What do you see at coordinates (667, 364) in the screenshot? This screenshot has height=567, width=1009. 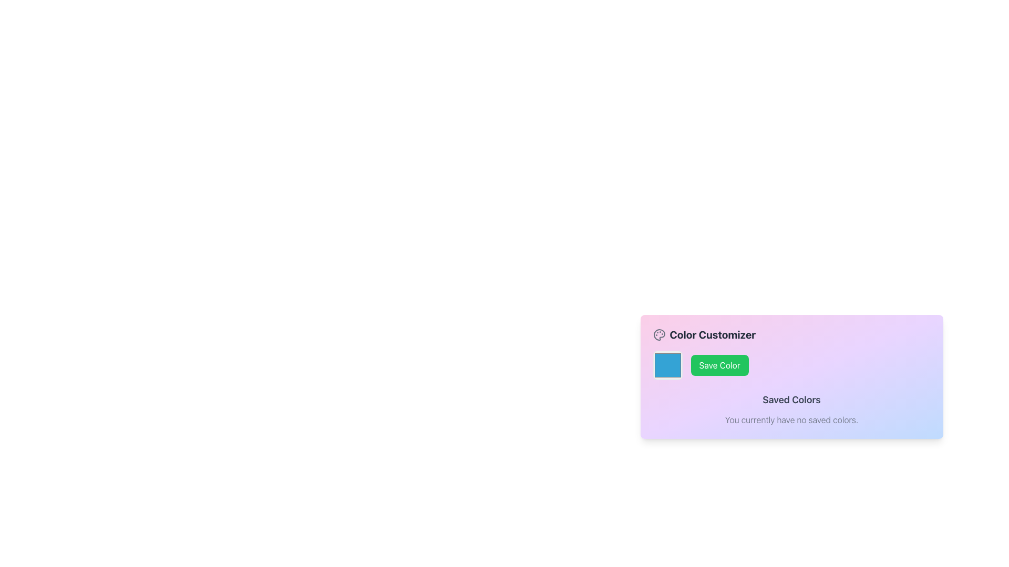 I see `the square color picker with a blue background and gray border` at bounding box center [667, 364].